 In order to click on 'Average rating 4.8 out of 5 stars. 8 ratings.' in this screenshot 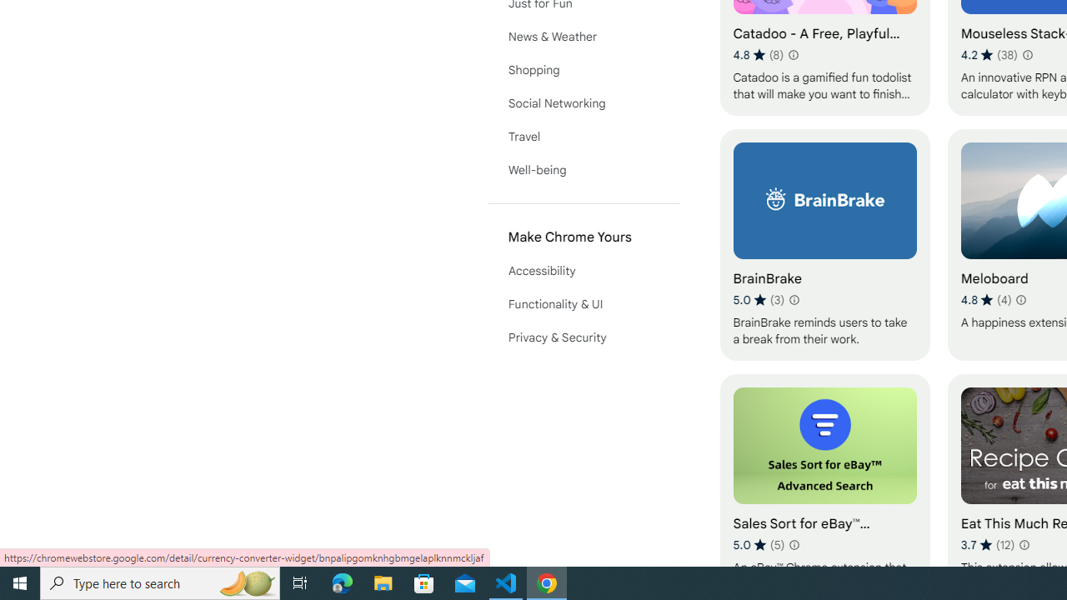, I will do `click(758, 54)`.